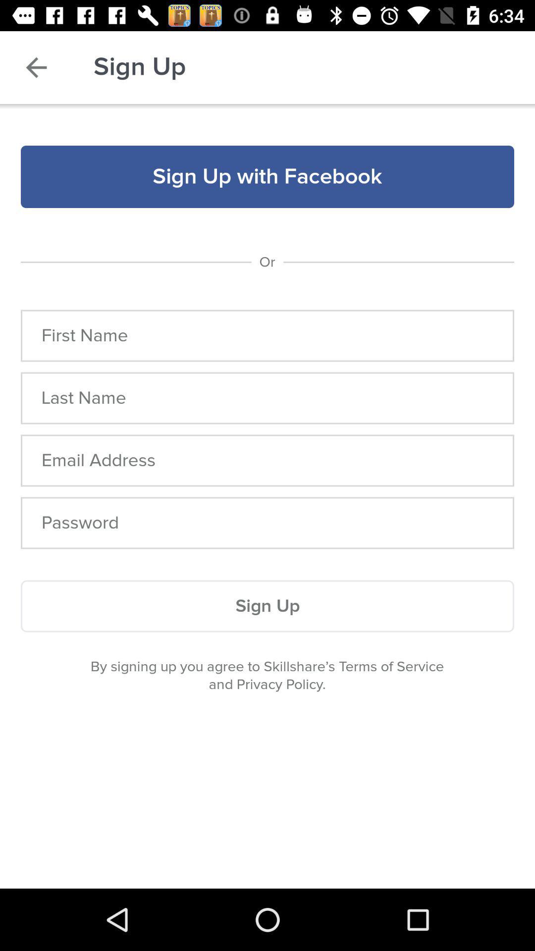 This screenshot has width=535, height=951. I want to click on email address, so click(267, 460).